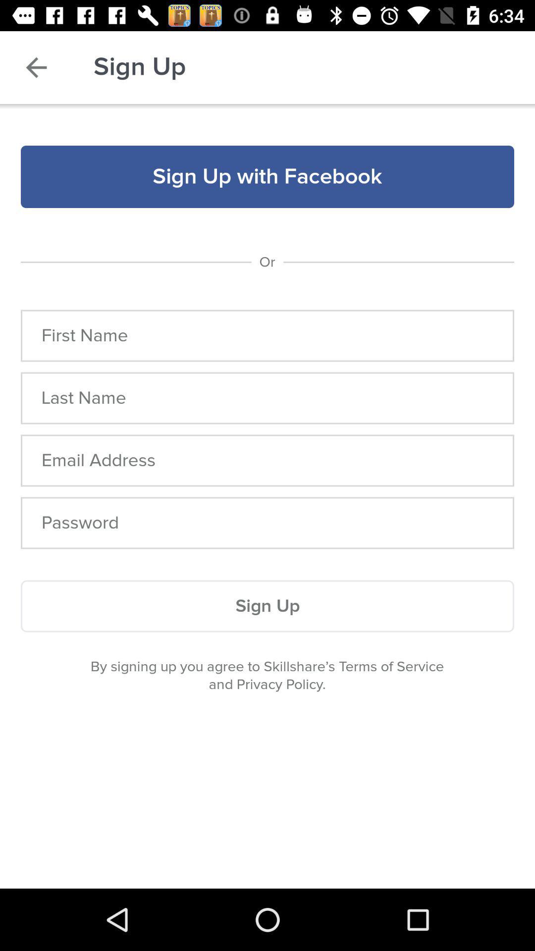 This screenshot has width=535, height=951. I want to click on email address, so click(267, 460).